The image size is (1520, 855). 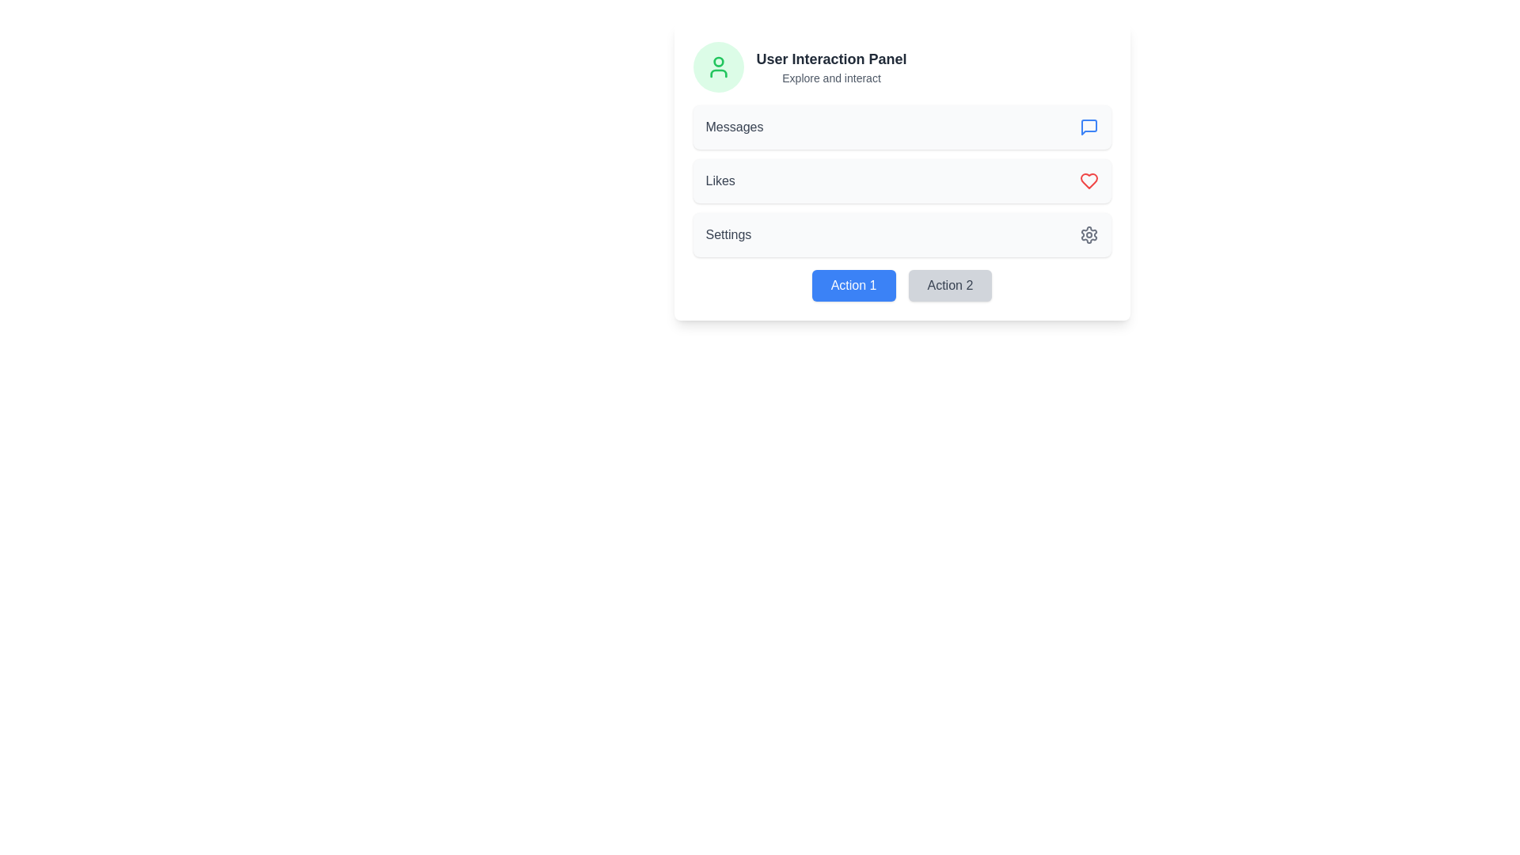 What do you see at coordinates (950, 286) in the screenshot?
I see `the 'Action 2' button, which is the right-side button in a pair of horizontally aligned buttons under the 'User Interaction Panel'` at bounding box center [950, 286].